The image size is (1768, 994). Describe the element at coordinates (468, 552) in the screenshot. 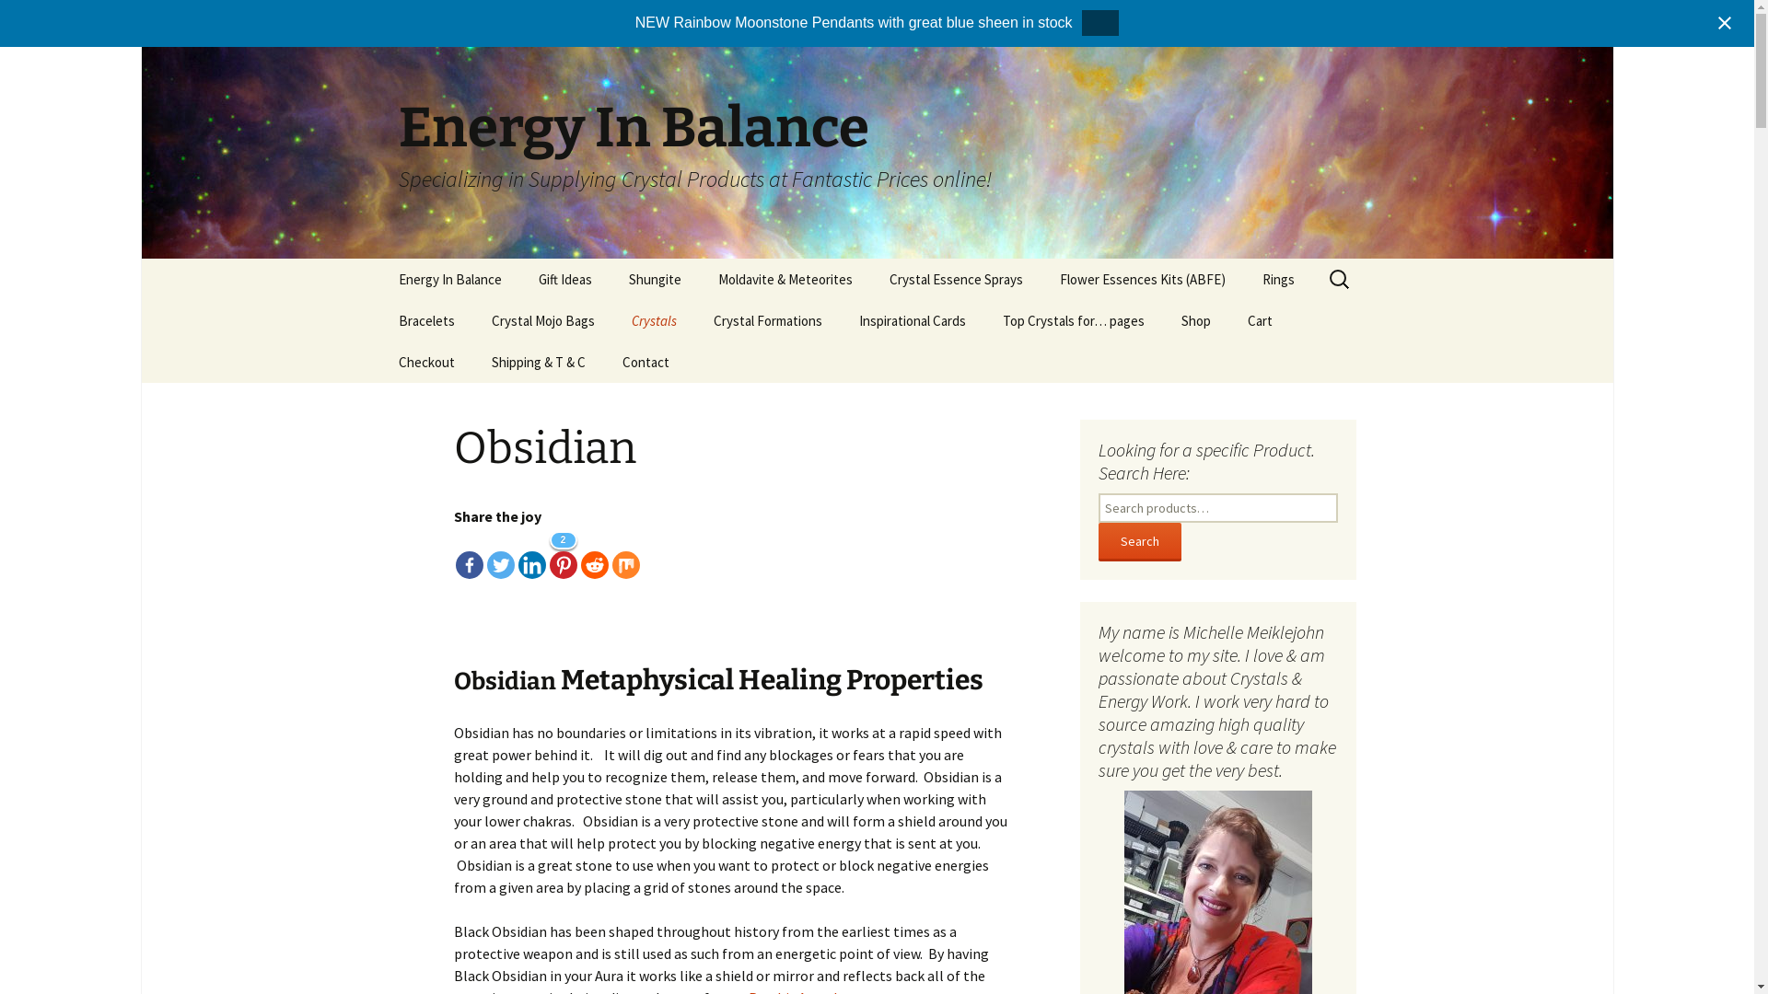

I see `'Facebook'` at that location.